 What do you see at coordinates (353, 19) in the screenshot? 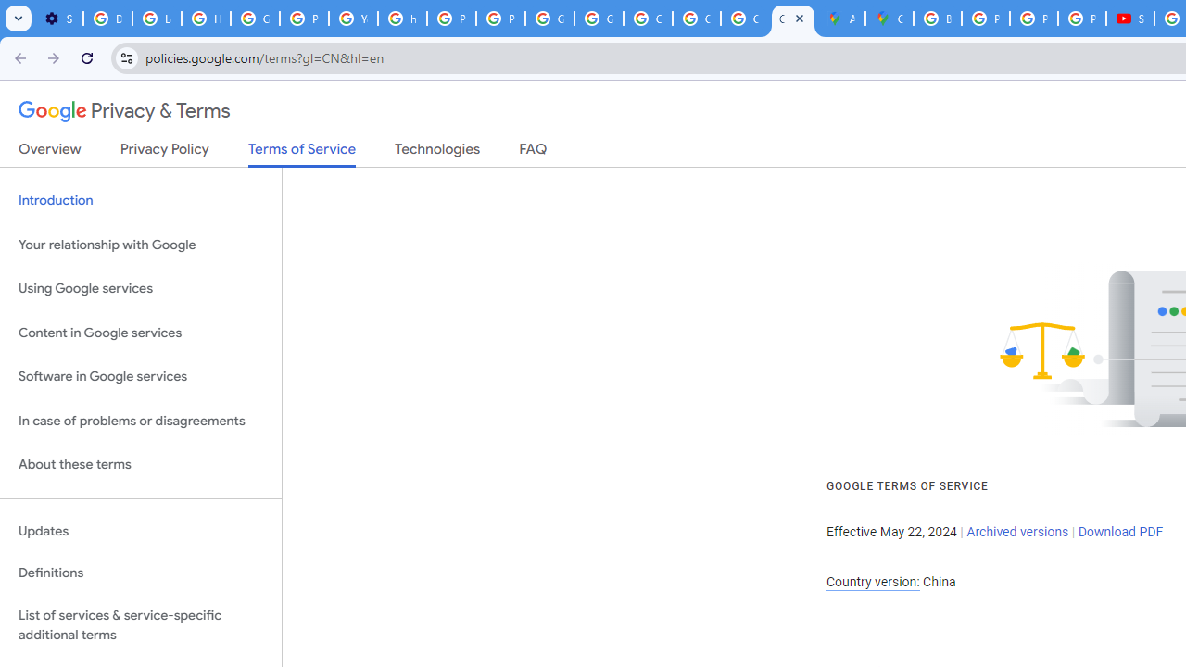
I see `'YouTube'` at bounding box center [353, 19].